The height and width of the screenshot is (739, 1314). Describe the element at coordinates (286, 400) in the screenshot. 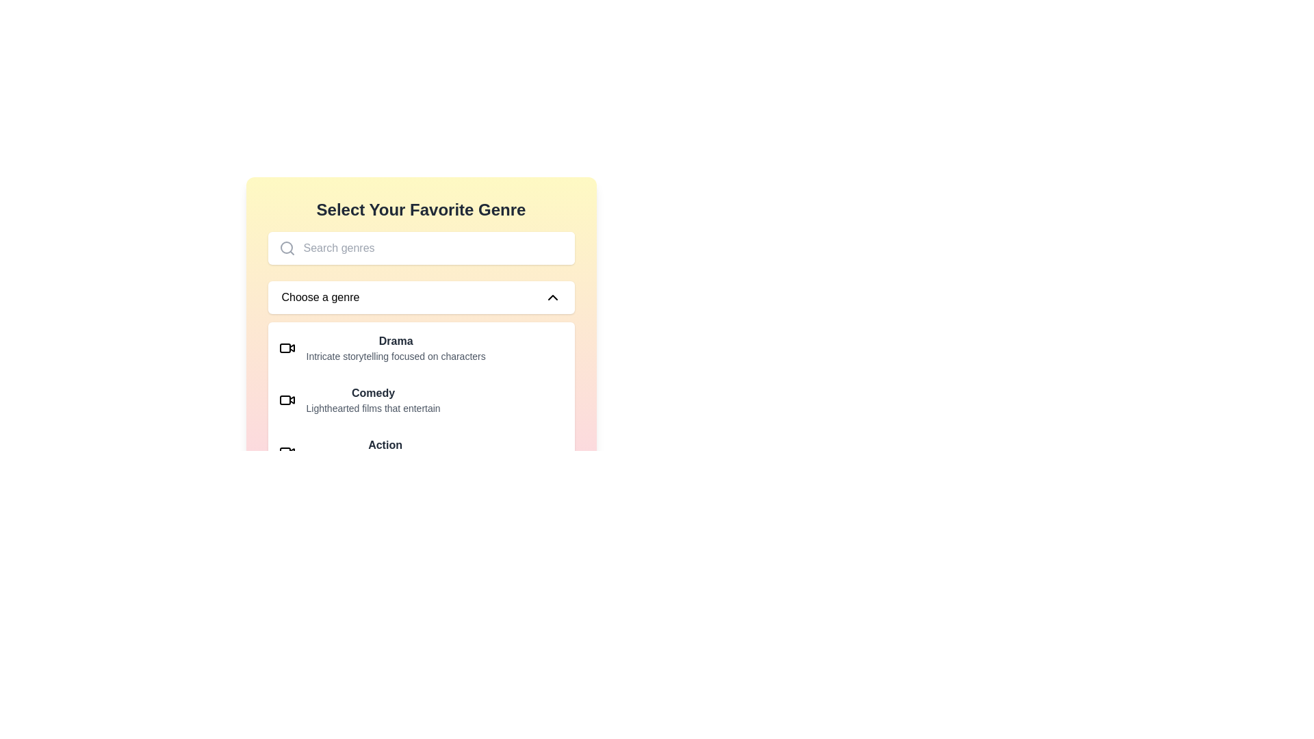

I see `the Comedy genre icon, which visually represents the video or movie-related nature of the Comedy genre in the selection list, located to the left of the text 'Comedy'` at that location.